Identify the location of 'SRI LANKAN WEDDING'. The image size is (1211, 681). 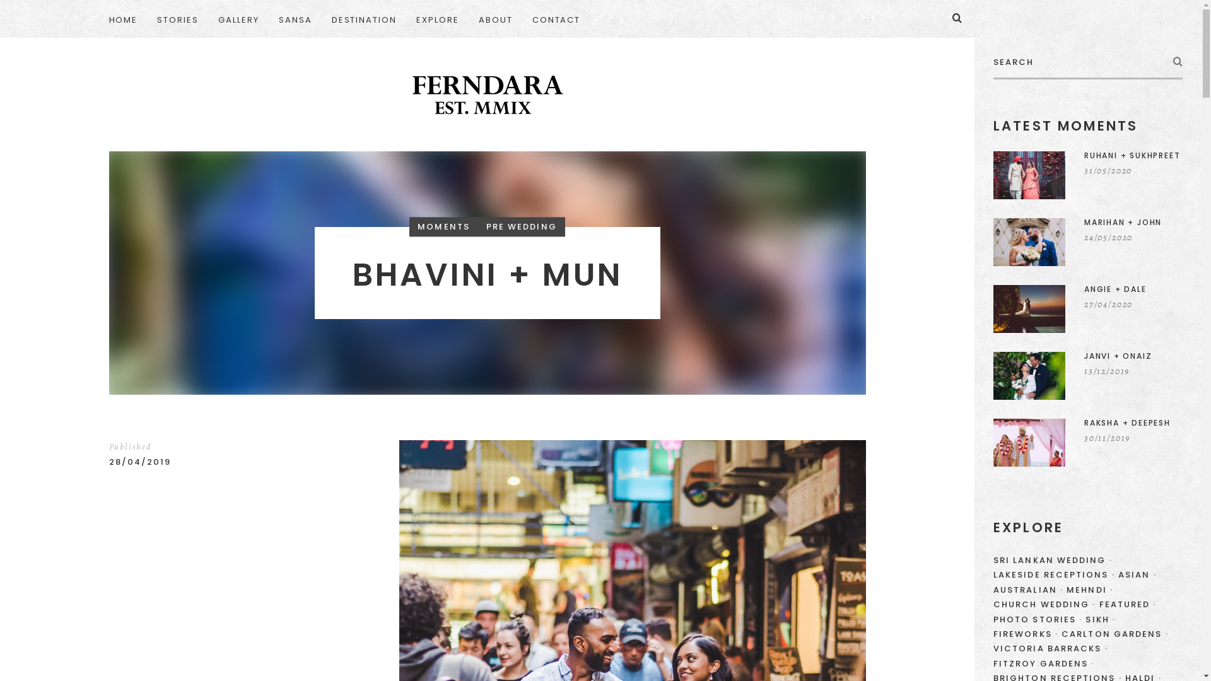
(992, 559).